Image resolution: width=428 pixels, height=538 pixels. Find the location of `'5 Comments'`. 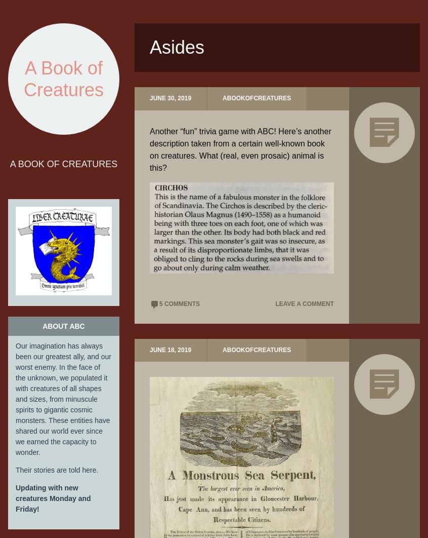

'5 Comments' is located at coordinates (158, 304).